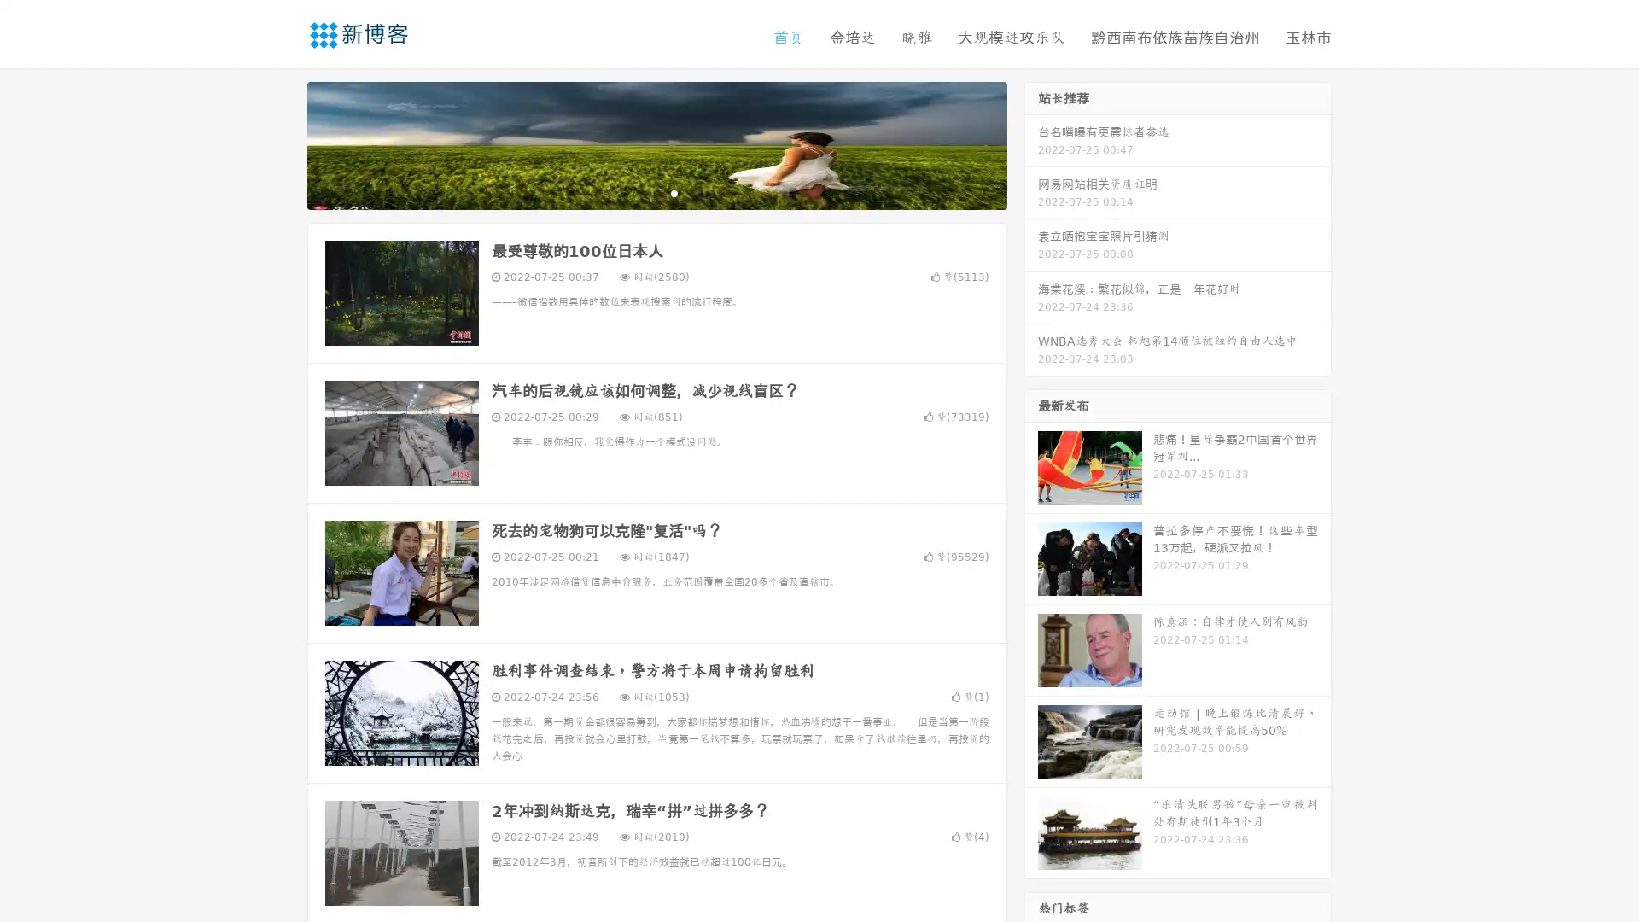 The height and width of the screenshot is (922, 1639). I want to click on Previous slide, so click(282, 143).